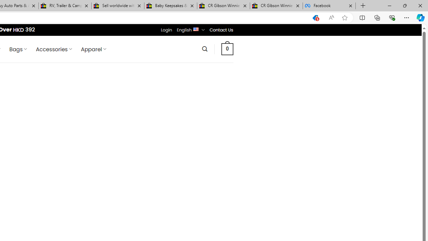  I want to click on ' 0 ', so click(227, 49).